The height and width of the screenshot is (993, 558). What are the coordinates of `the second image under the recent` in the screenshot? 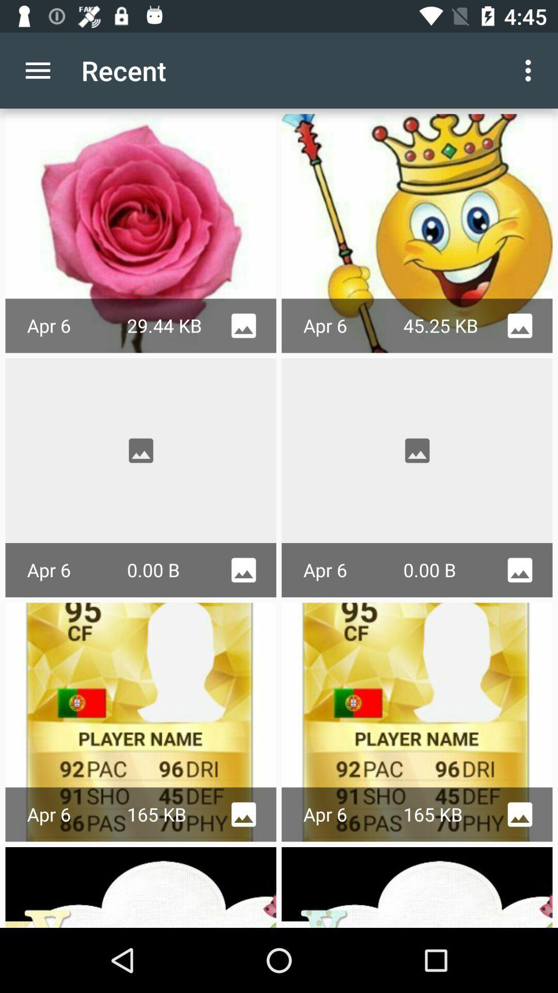 It's located at (416, 233).